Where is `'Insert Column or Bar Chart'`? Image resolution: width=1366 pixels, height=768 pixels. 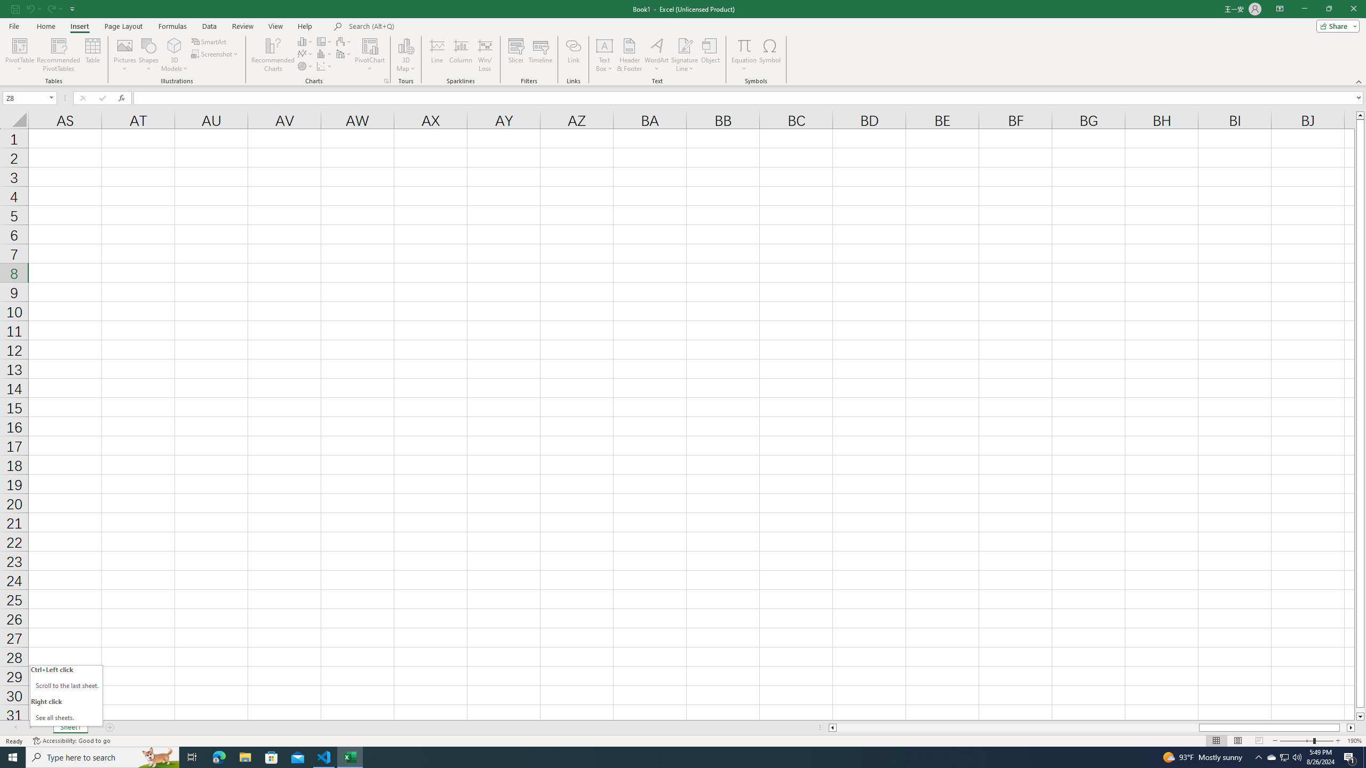
'Insert Column or Bar Chart' is located at coordinates (305, 41).